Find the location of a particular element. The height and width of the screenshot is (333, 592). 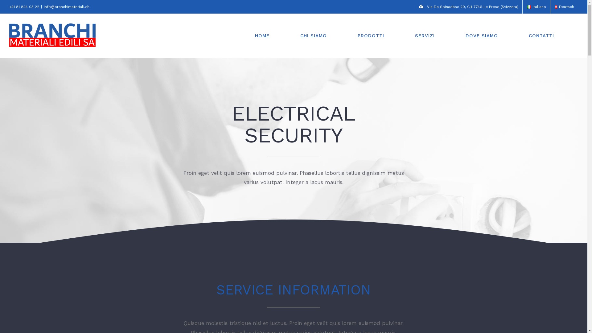

'info@branchimateriali.ch' is located at coordinates (67, 7).